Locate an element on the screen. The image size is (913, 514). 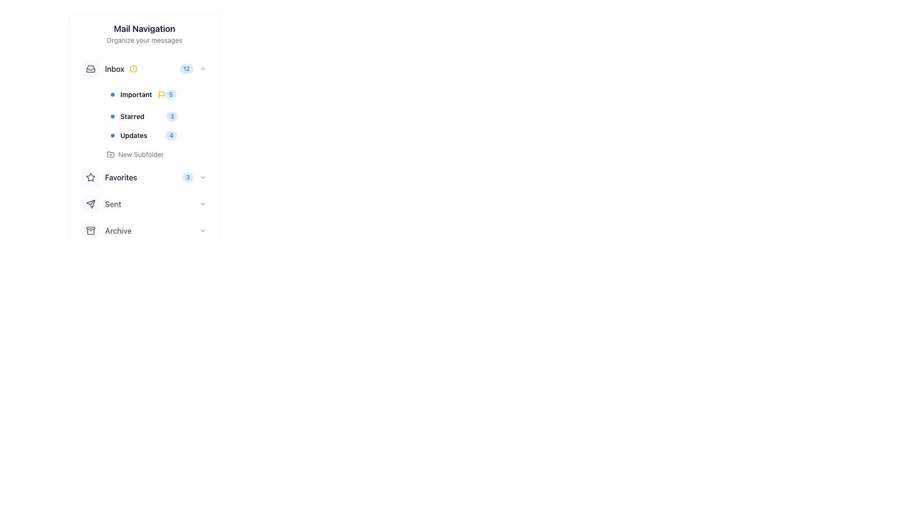
the 'Starred' navigation item, which is the second item in the navigation group is located at coordinates (155, 116).